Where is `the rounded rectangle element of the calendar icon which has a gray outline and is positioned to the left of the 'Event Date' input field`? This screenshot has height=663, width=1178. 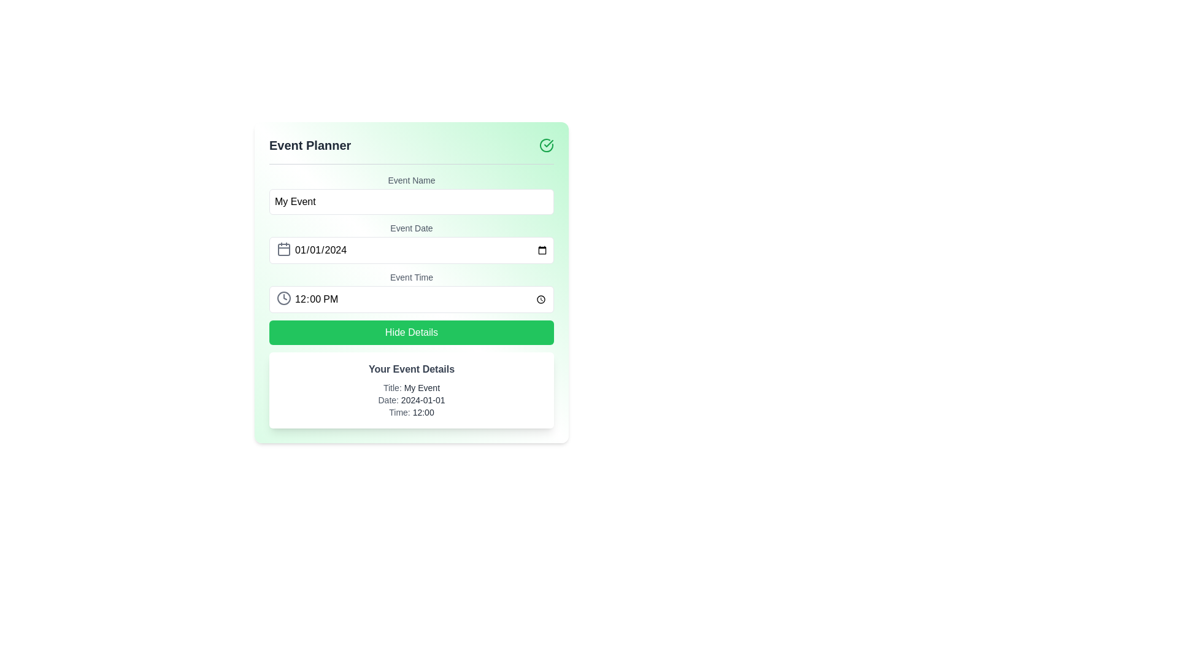 the rounded rectangle element of the calendar icon which has a gray outline and is positioned to the left of the 'Event Date' input field is located at coordinates (283, 249).